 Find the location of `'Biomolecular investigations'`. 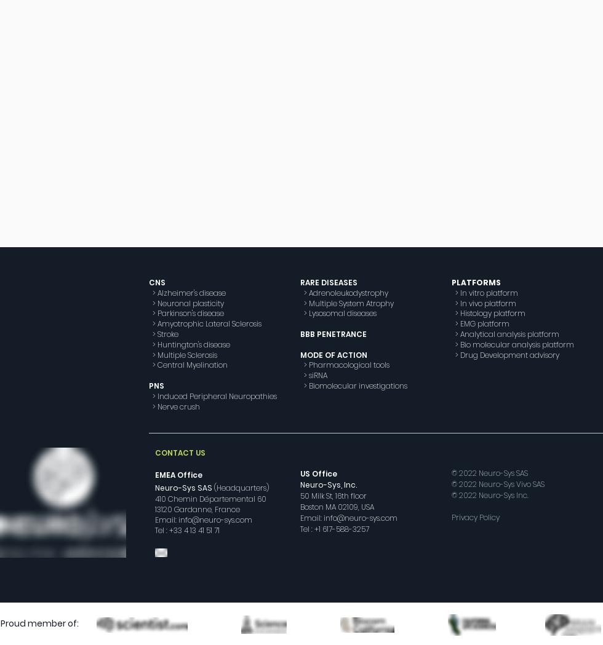

'Biomolecular investigations' is located at coordinates (358, 385).